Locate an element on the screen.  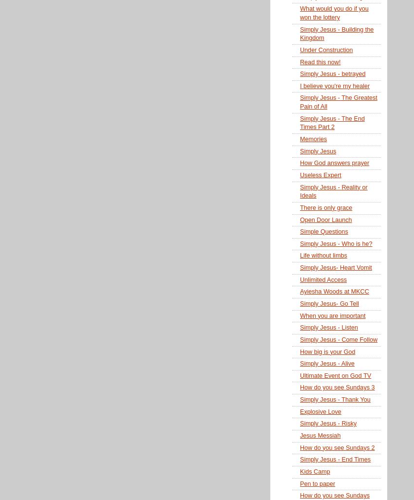
'Unlimited Access' is located at coordinates (323, 279).